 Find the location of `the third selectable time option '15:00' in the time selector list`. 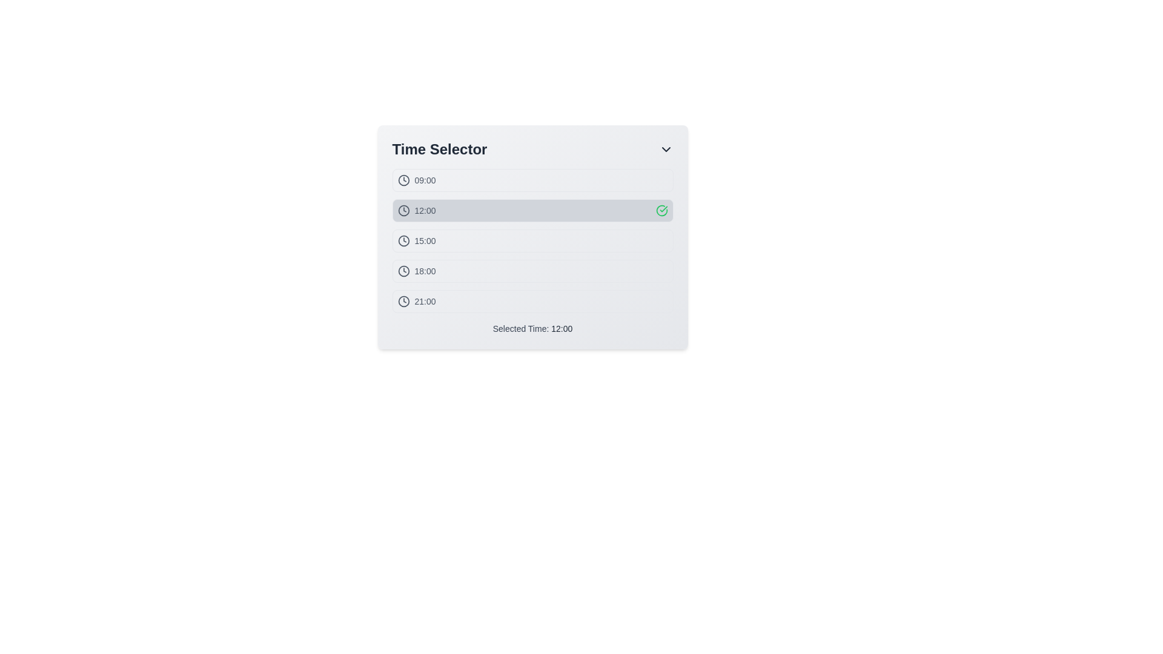

the third selectable time option '15:00' in the time selector list is located at coordinates (532, 240).